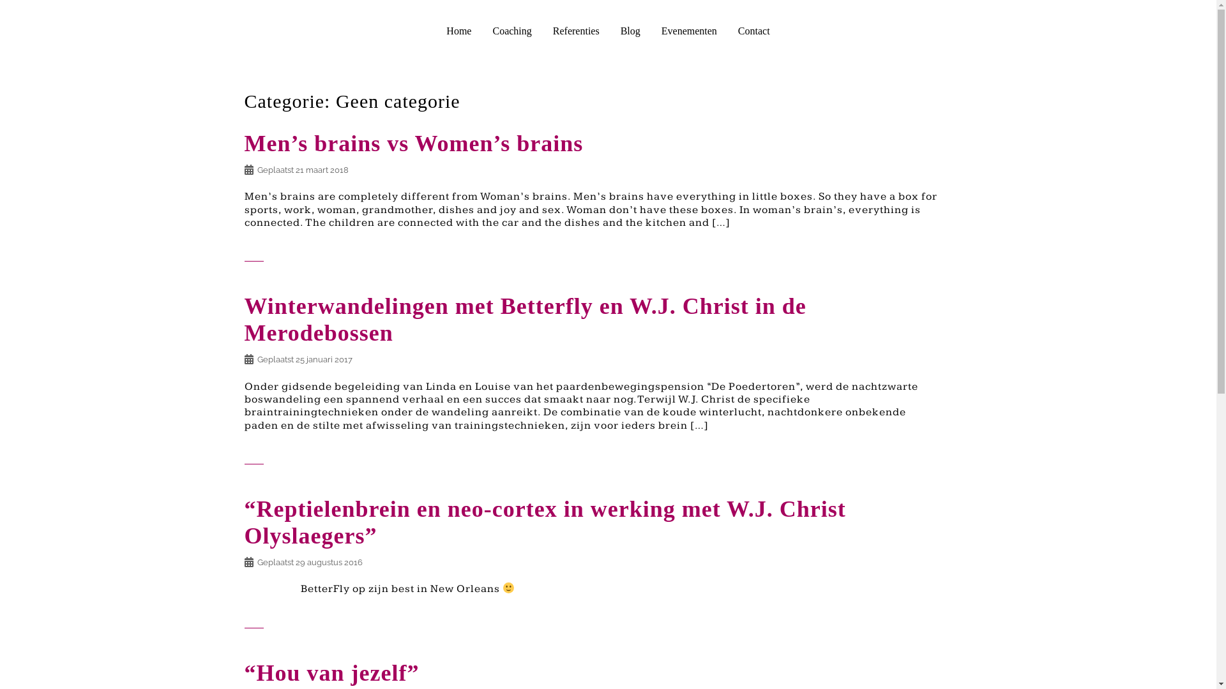  Describe the element at coordinates (321, 169) in the screenshot. I see `'21 maart 2018'` at that location.